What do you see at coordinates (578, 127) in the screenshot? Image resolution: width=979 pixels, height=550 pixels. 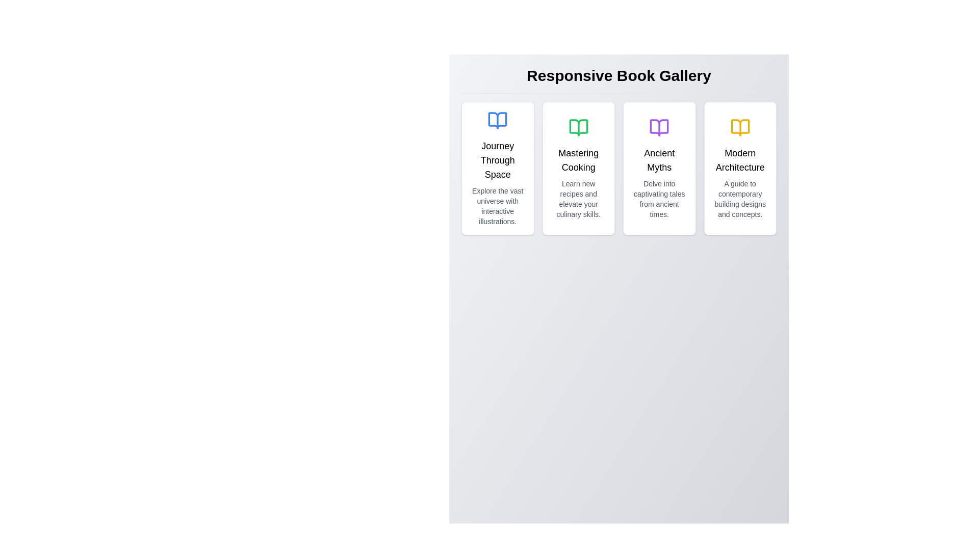 I see `the visual representation of the 'Mastering Cooking' icon located in the second card of a horizontally aligned set of four cards` at bounding box center [578, 127].